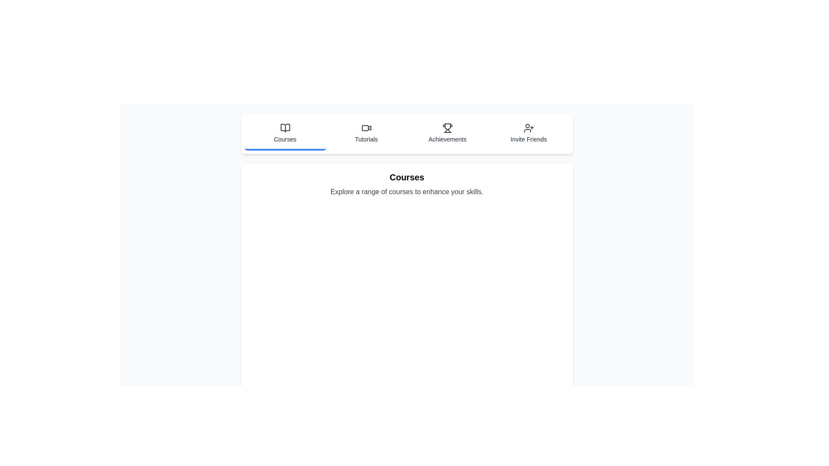  I want to click on text label for the 'Achievements' navigation option located in the navigation bar, positioned below the trophy icon, so click(447, 139).